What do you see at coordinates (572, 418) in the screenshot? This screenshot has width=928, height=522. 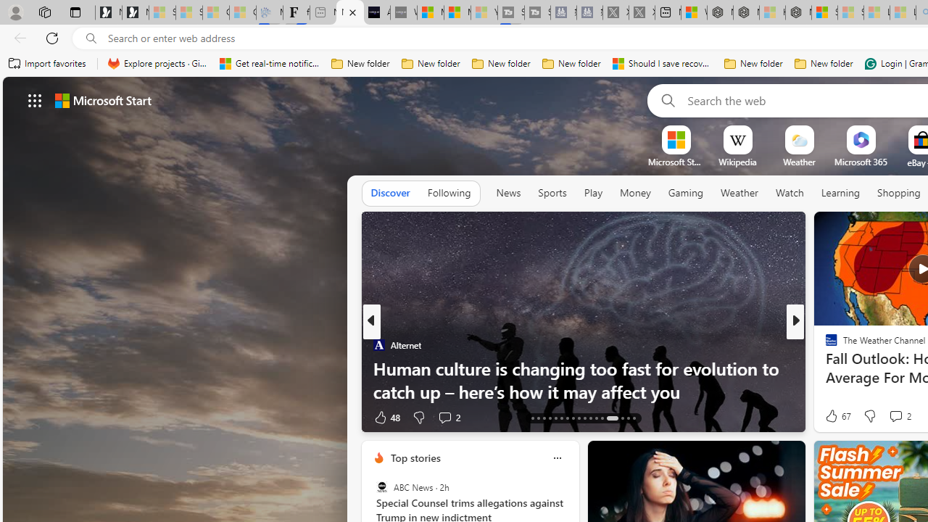 I see `'AutomationID: tab-24'` at bounding box center [572, 418].